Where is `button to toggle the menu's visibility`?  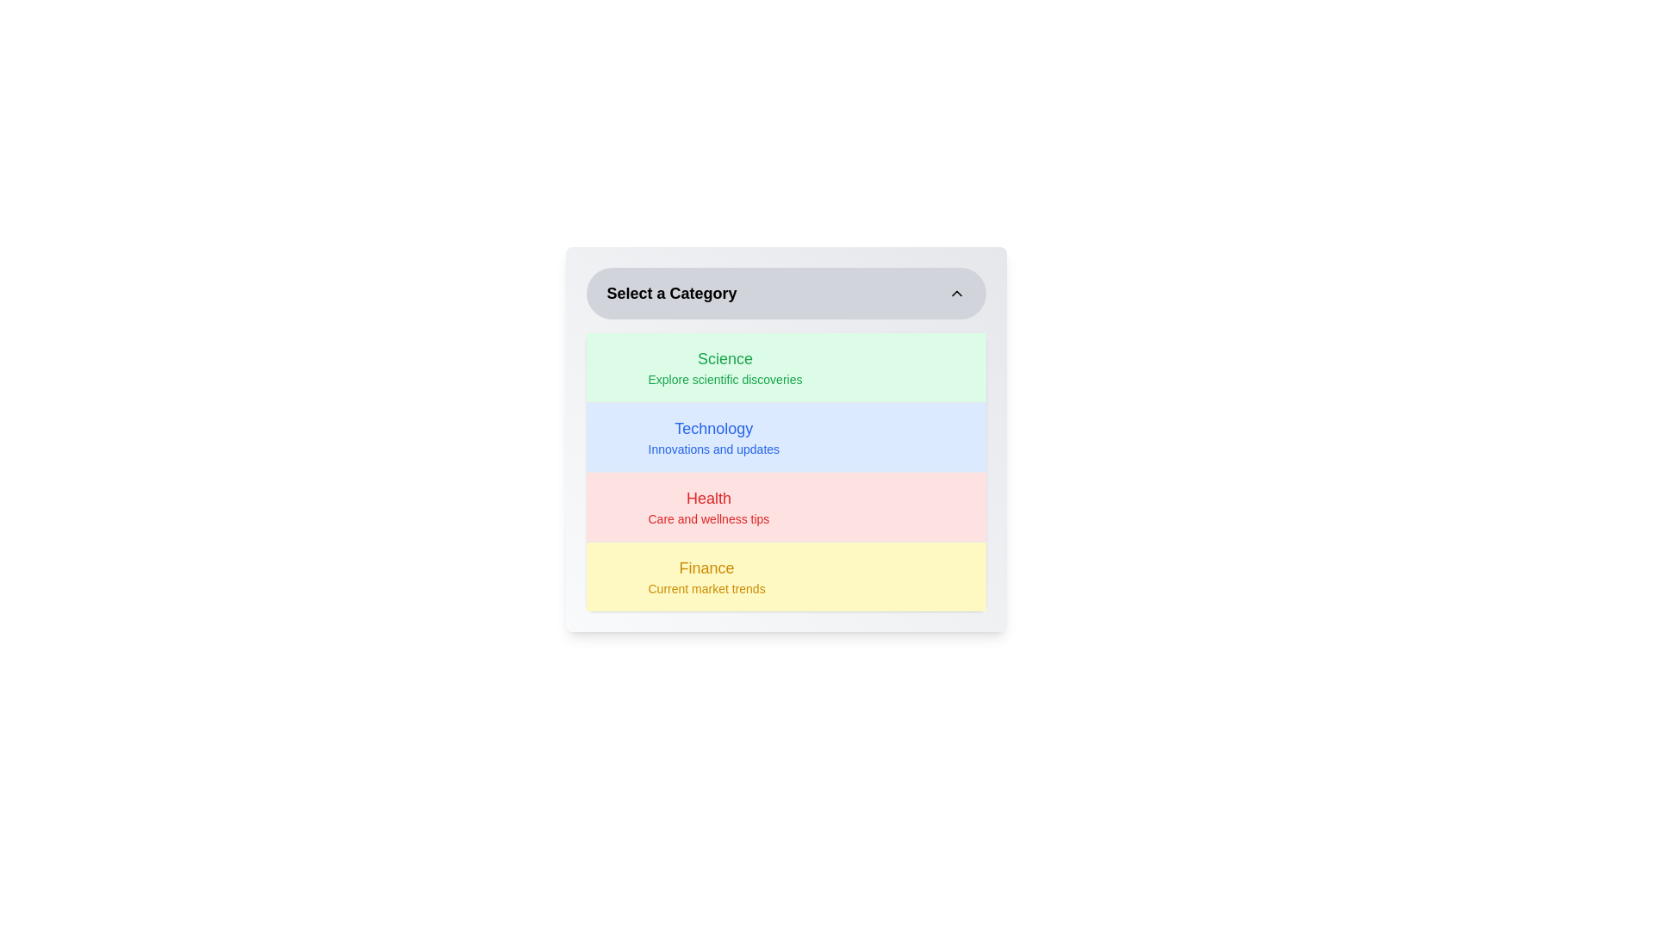
button to toggle the menu's visibility is located at coordinates (785, 292).